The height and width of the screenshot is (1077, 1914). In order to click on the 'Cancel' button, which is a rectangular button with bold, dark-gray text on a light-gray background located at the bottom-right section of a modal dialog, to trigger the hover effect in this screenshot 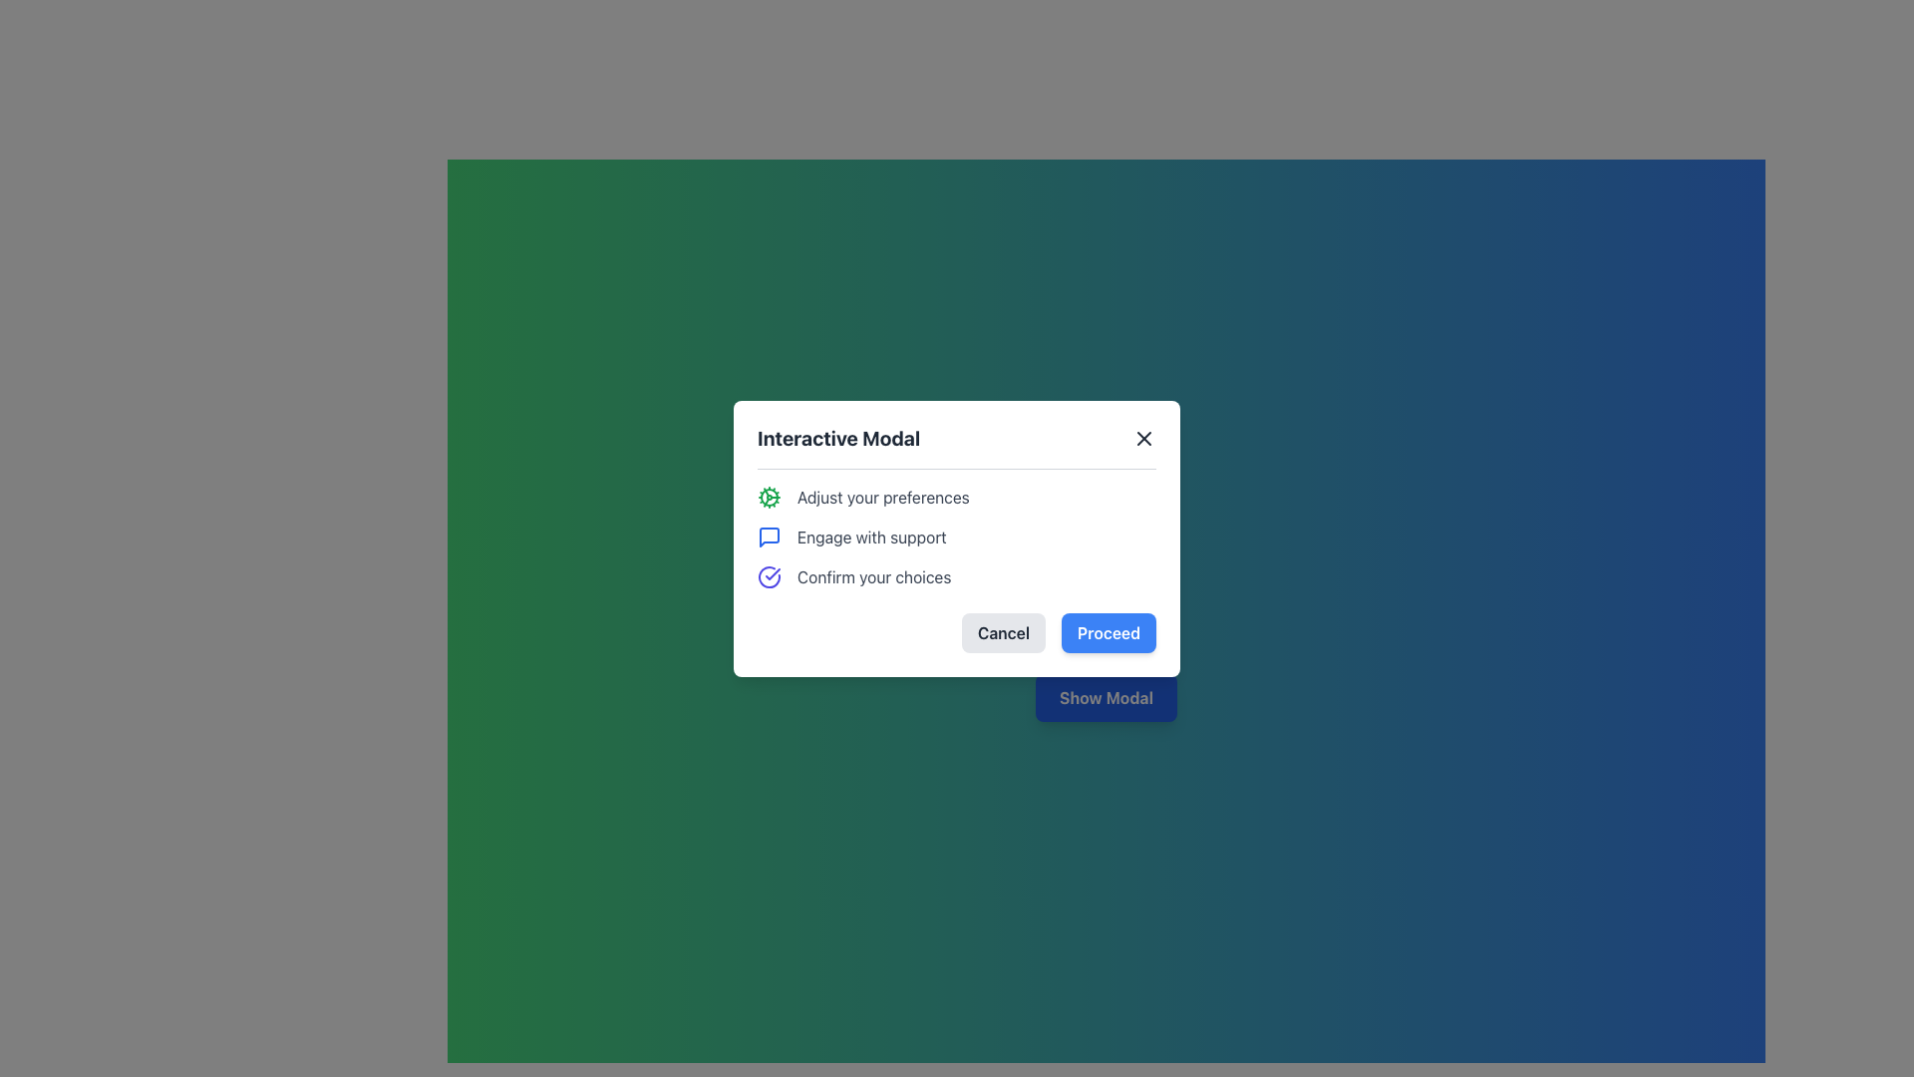, I will do `click(1004, 632)`.